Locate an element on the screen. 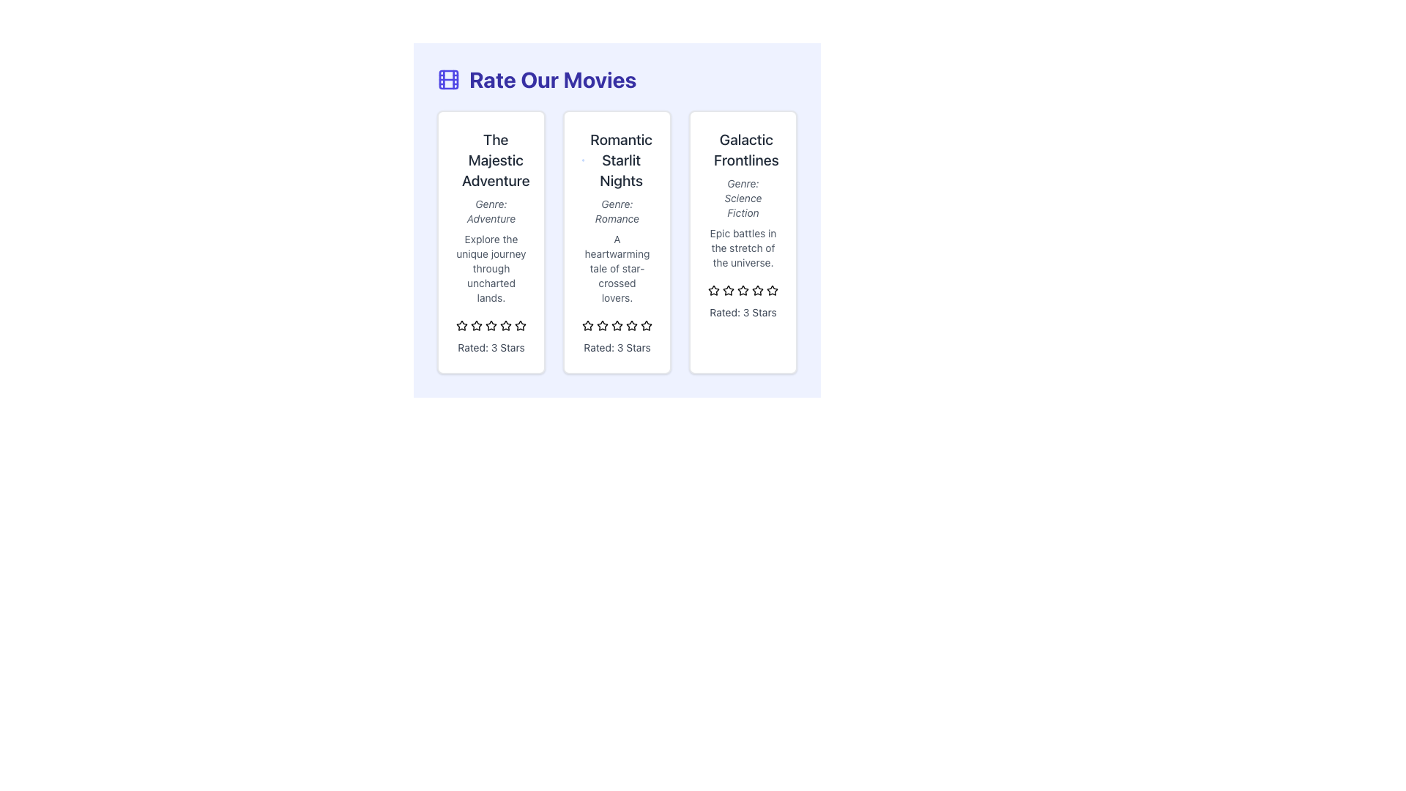 Image resolution: width=1406 pixels, height=791 pixels. text content of the element displaying 'Galactic Frontlines', which is styled in bold, medium size, and dark gray, located at the top of the third card in a horizontal layout is located at coordinates (746, 149).